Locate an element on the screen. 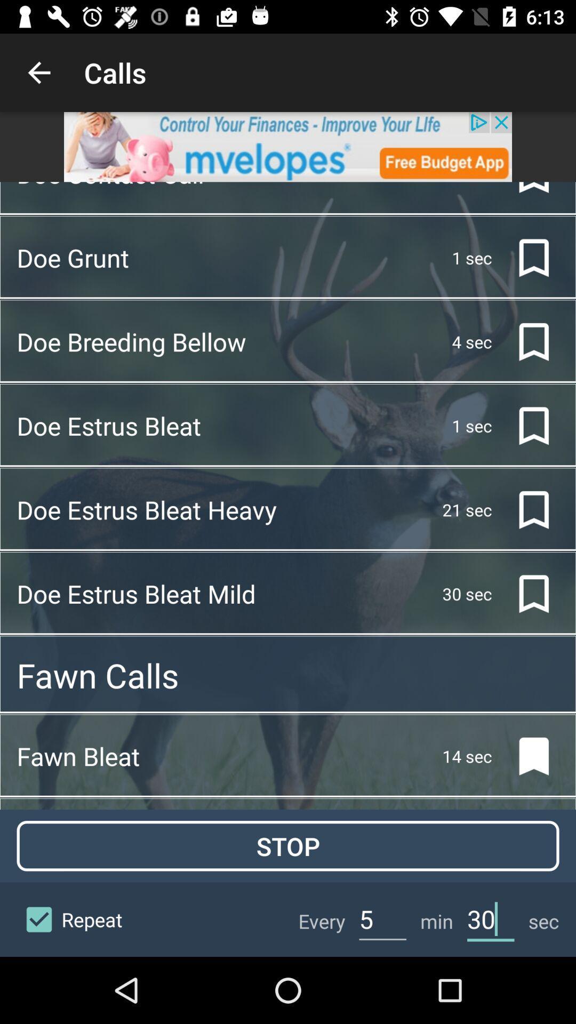  the bookmark icon is located at coordinates (525, 509).